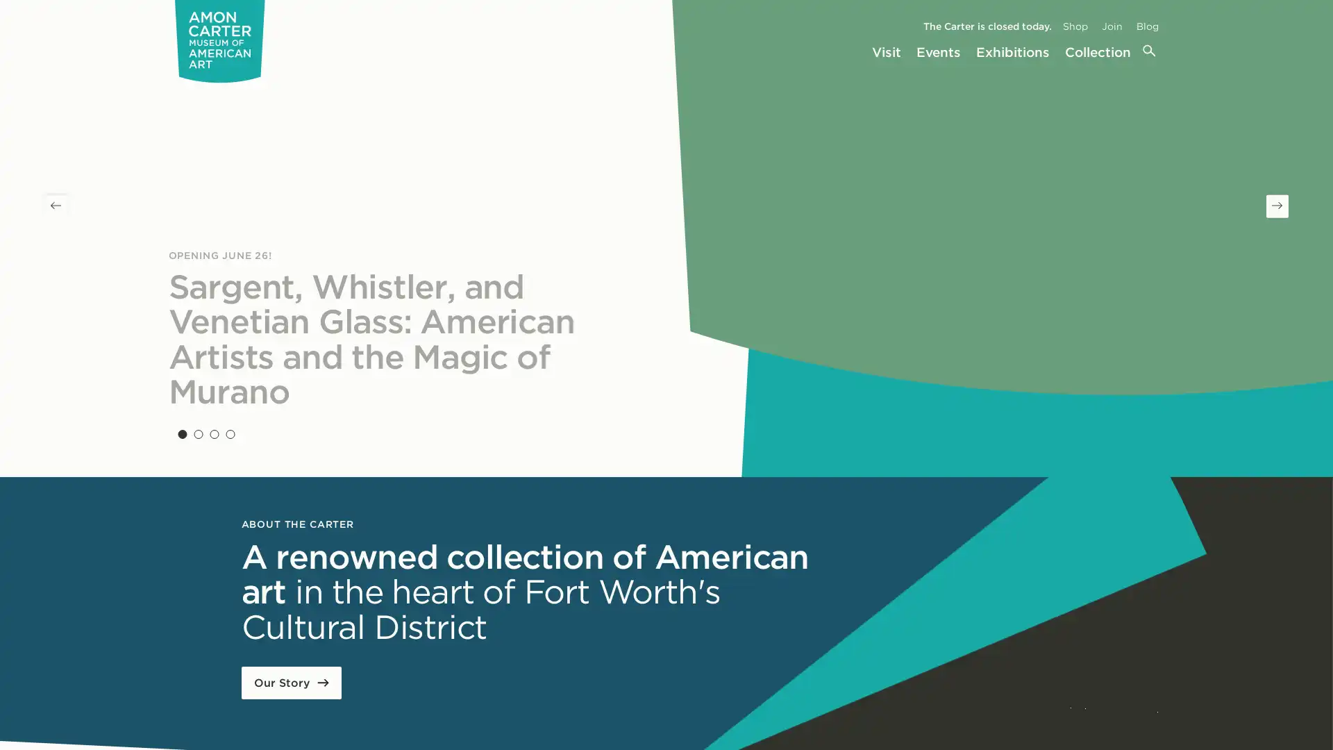 The width and height of the screenshot is (1333, 750). Describe the element at coordinates (56, 206) in the screenshot. I see `Previous` at that location.